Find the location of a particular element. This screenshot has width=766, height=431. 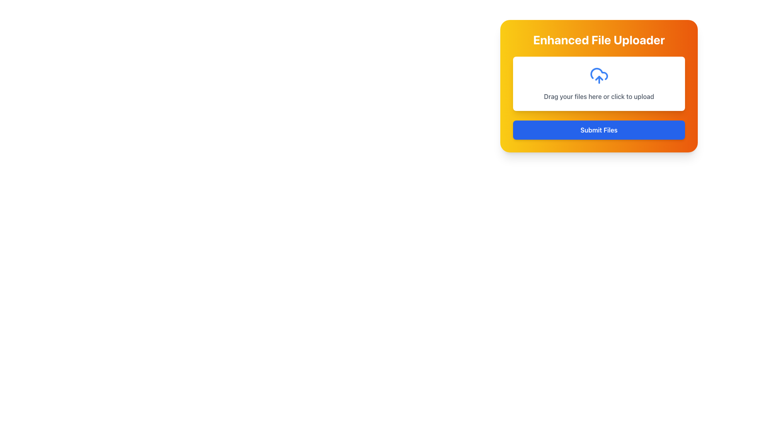

the submission button located at the bottom of the file uploader, which changes its background color is located at coordinates (599, 130).